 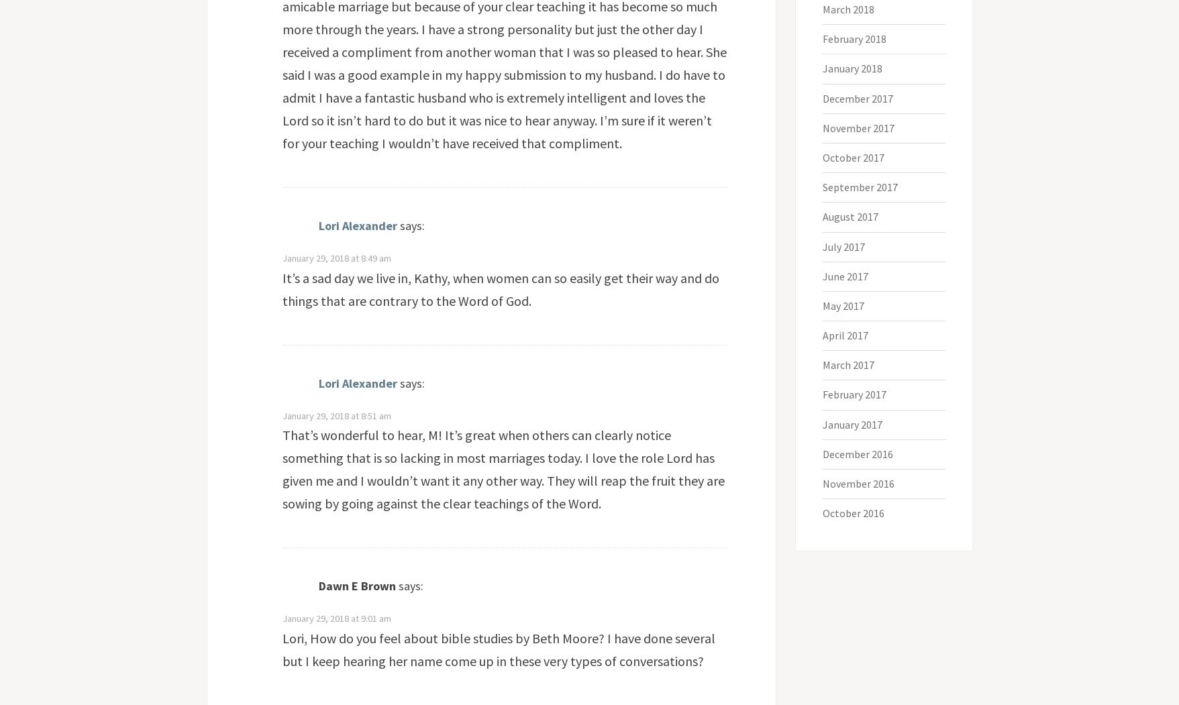 What do you see at coordinates (860, 187) in the screenshot?
I see `'September 2017'` at bounding box center [860, 187].